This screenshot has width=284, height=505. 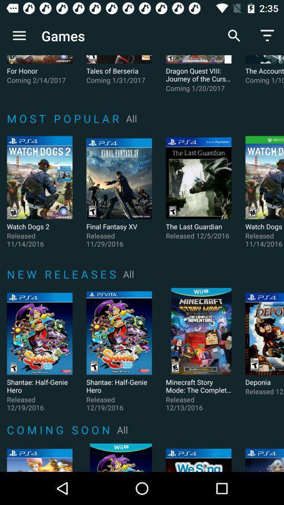 What do you see at coordinates (19, 36) in the screenshot?
I see `the icon next to the games item` at bounding box center [19, 36].